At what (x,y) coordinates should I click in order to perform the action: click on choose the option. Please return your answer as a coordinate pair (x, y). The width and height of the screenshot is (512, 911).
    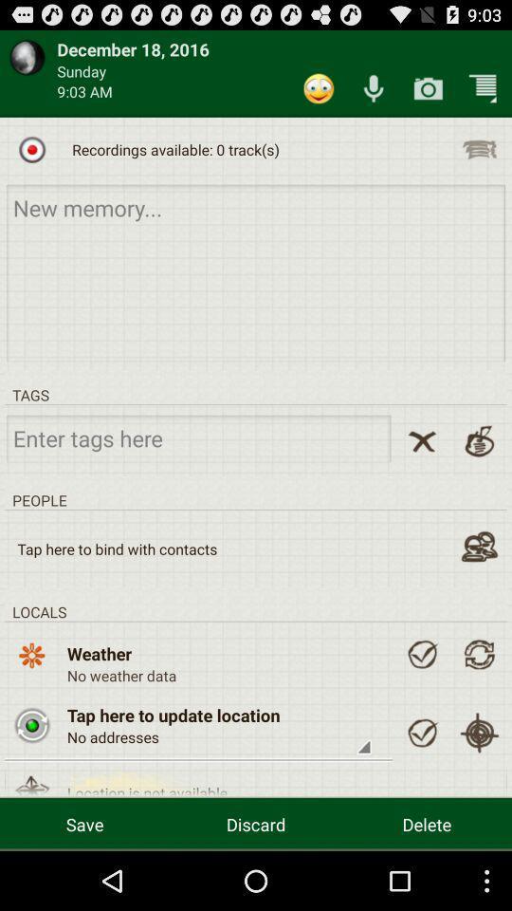
    Looking at the image, I should click on (31, 780).